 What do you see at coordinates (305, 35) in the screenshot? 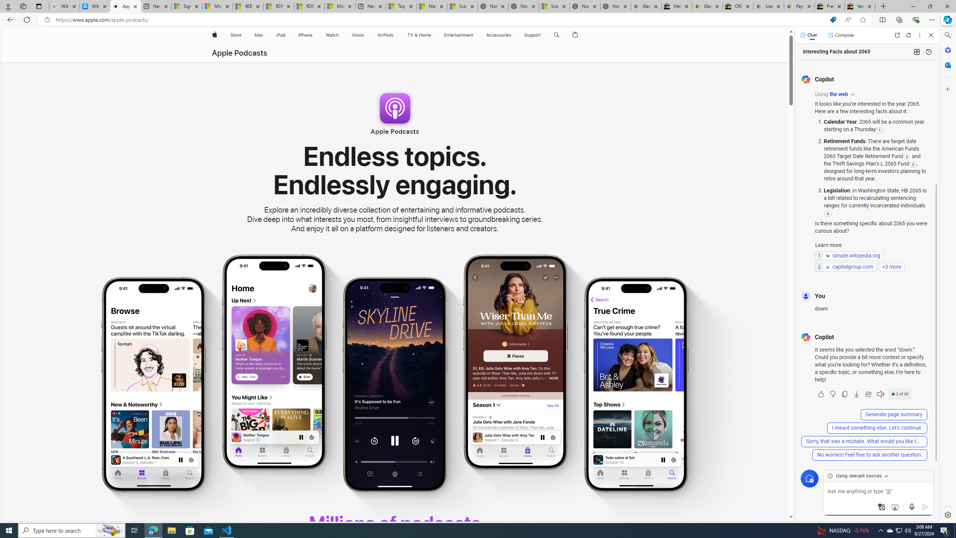
I see `'iPhone'` at bounding box center [305, 35].